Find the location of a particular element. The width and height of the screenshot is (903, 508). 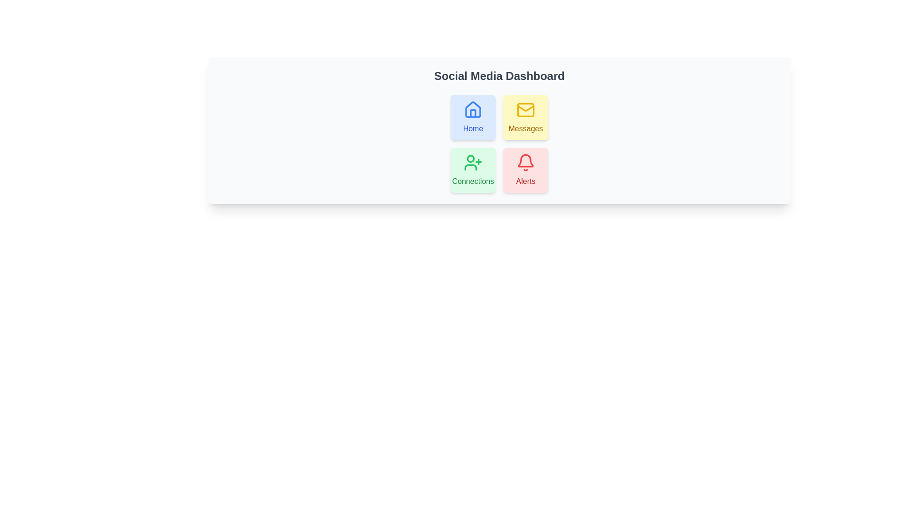

the graphical icon component representing the envelope's body within the 'Messages' icon, which is the second item in the grid of four icons under the 'Social Media Dashboard' header is located at coordinates (525, 110).